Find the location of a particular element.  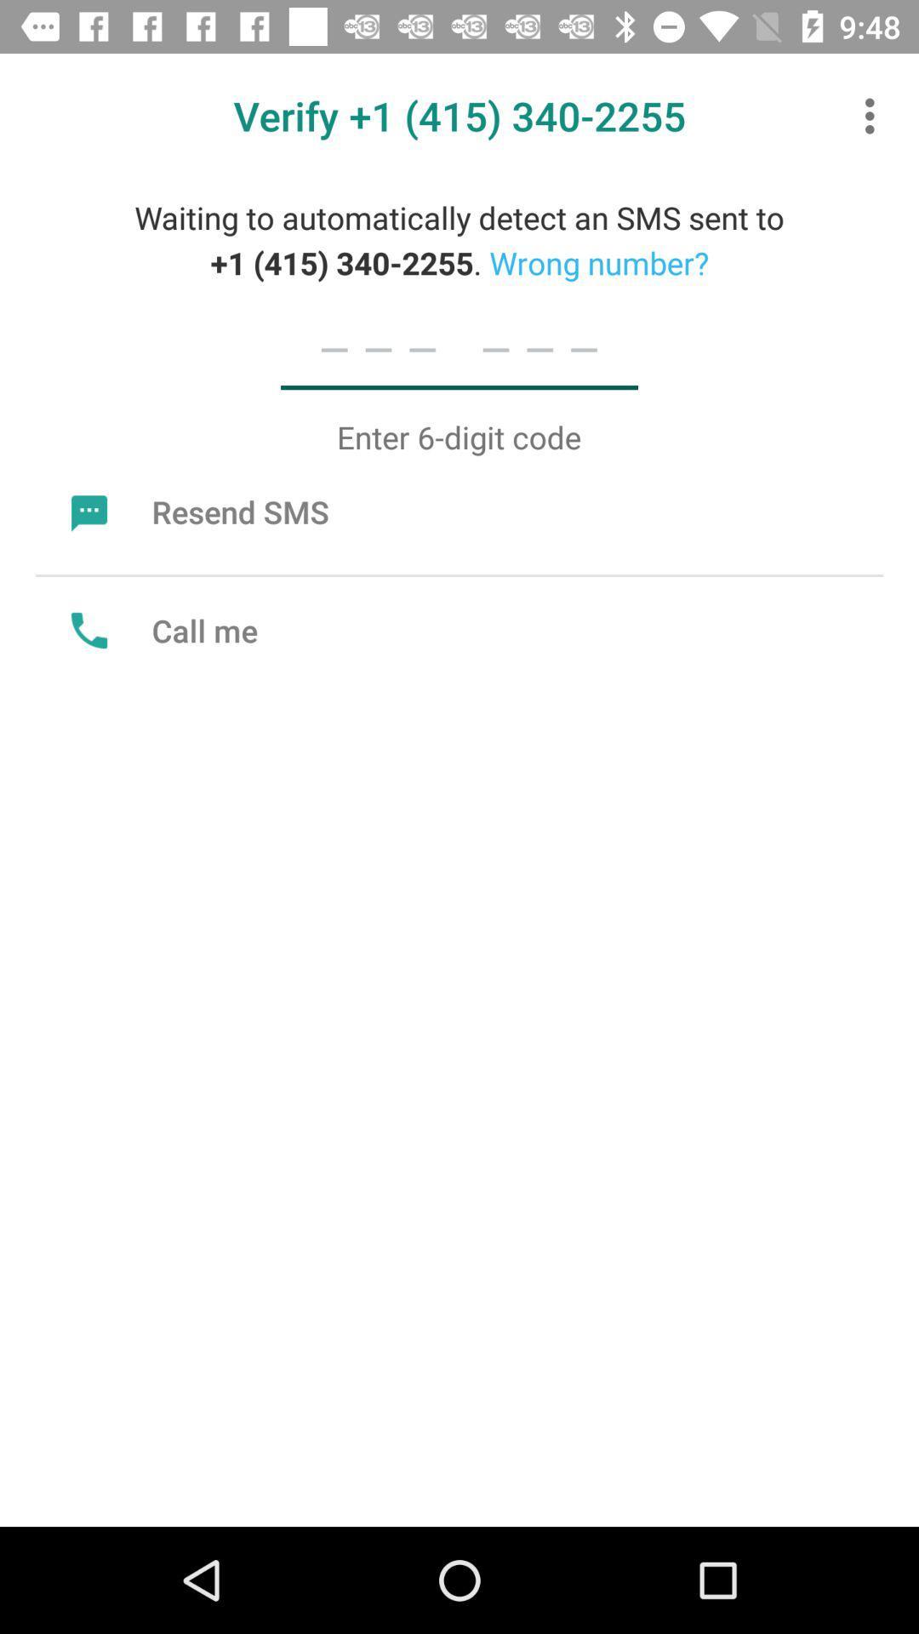

icon next to the verify 1 415 item is located at coordinates (874, 115).